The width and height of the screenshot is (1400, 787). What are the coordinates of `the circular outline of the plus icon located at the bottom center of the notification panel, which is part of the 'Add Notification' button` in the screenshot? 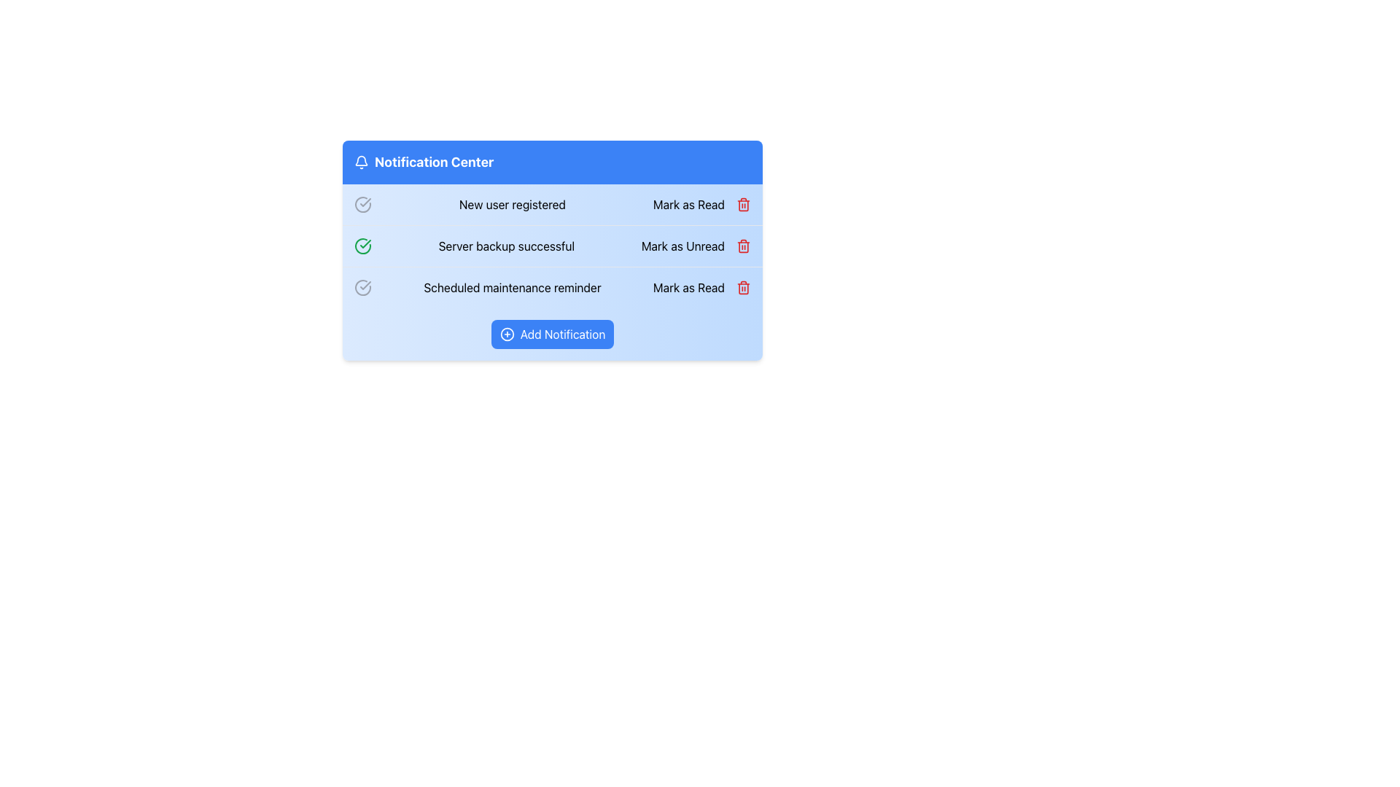 It's located at (507, 334).